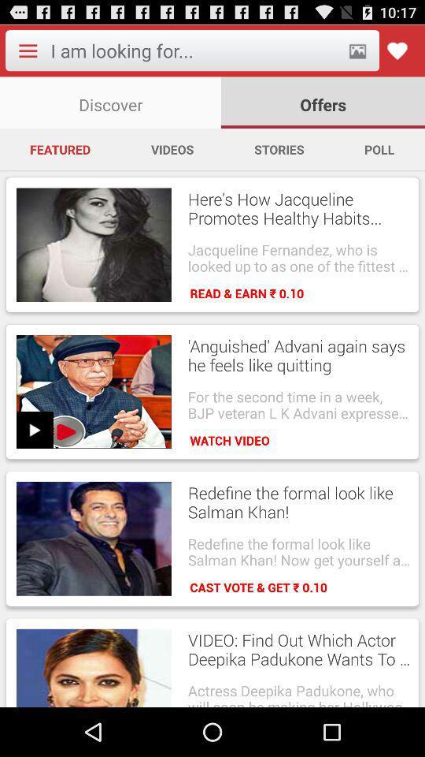 The height and width of the screenshot is (757, 425). I want to click on shows heart symbol, so click(396, 50).